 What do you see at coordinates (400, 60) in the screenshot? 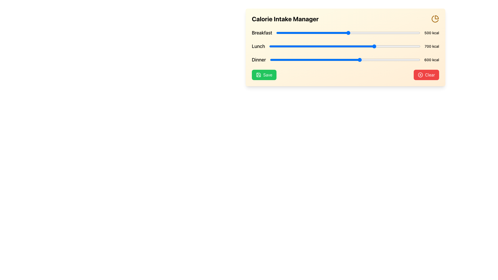
I see `Dinner kcal` at bounding box center [400, 60].